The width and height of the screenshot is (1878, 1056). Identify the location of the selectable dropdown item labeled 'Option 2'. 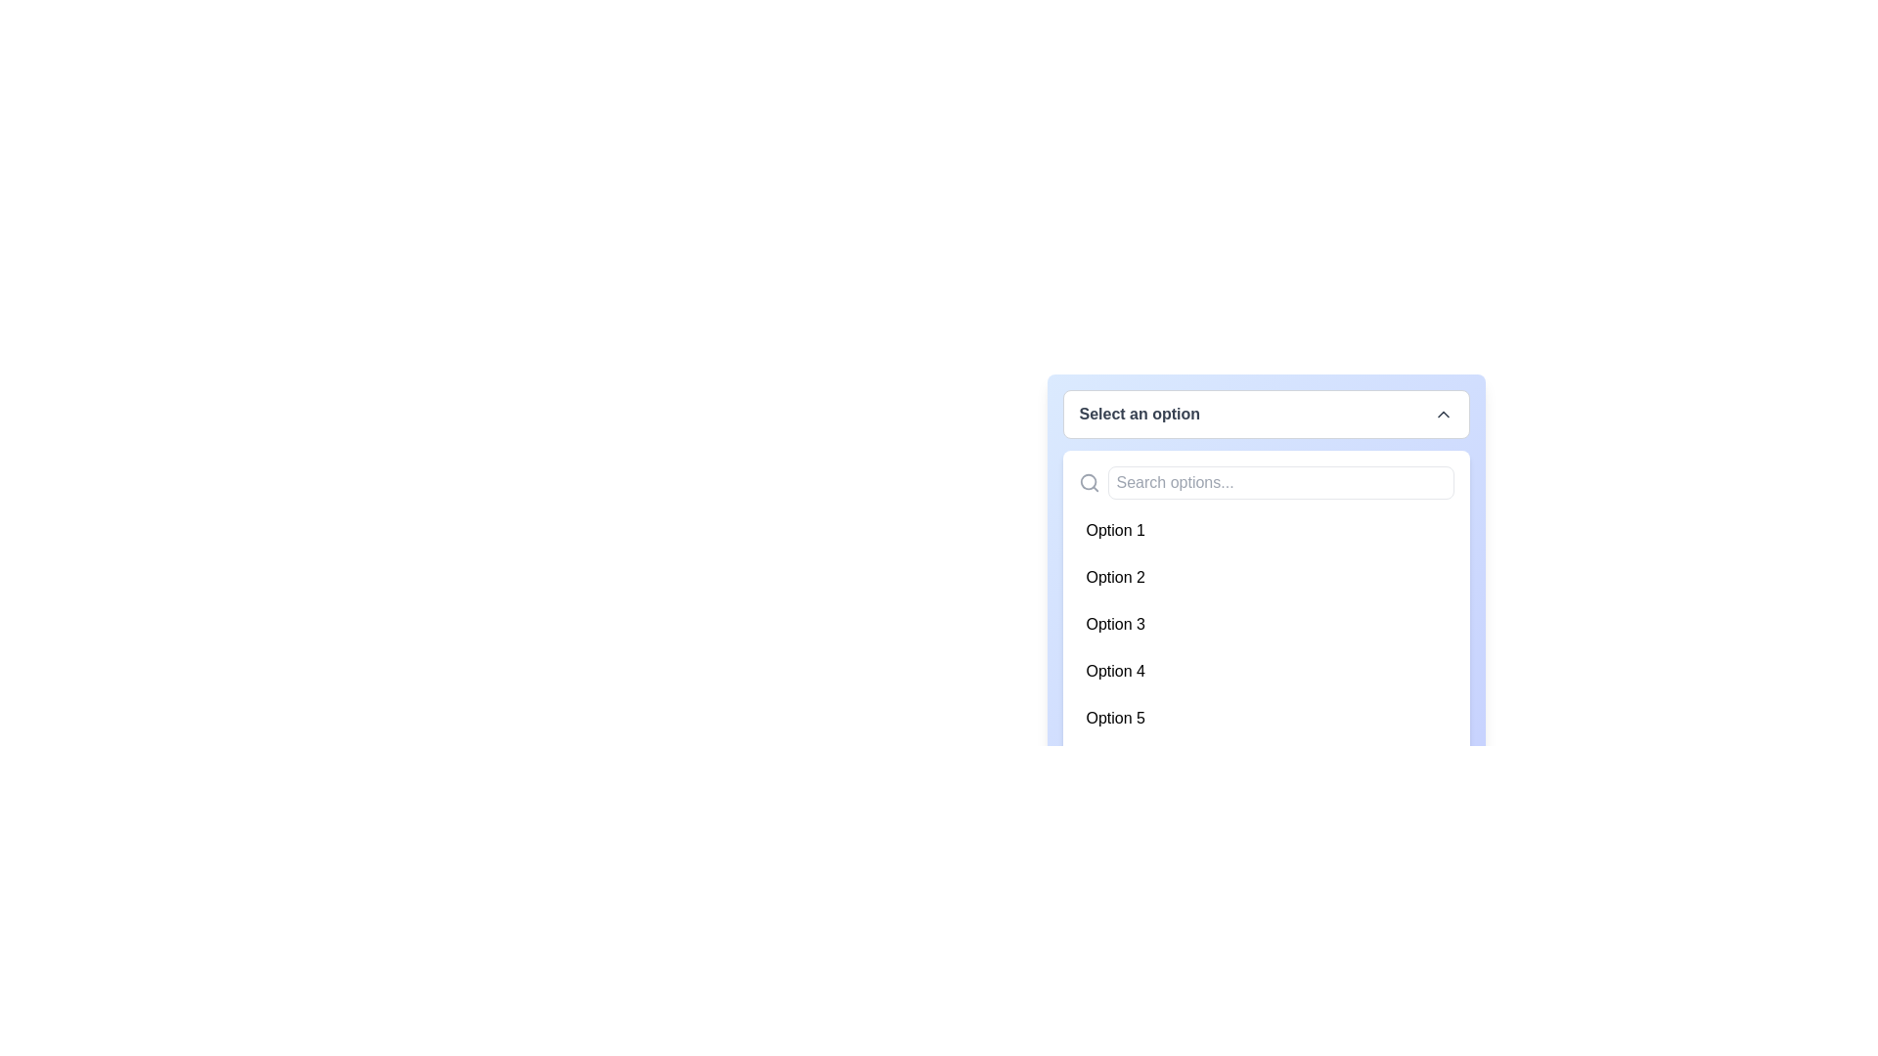
(1115, 576).